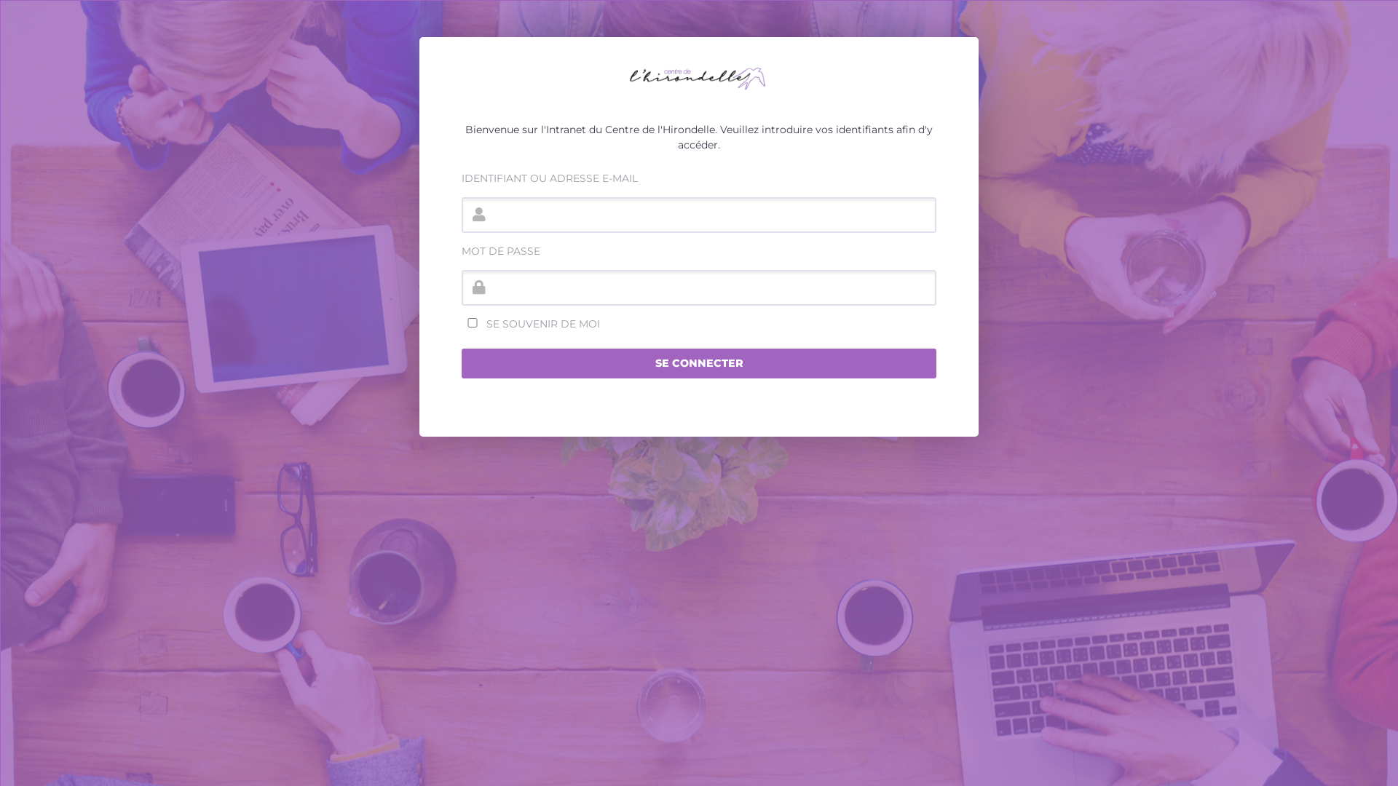 This screenshot has width=1398, height=786. I want to click on 'Se connecter', so click(699, 363).